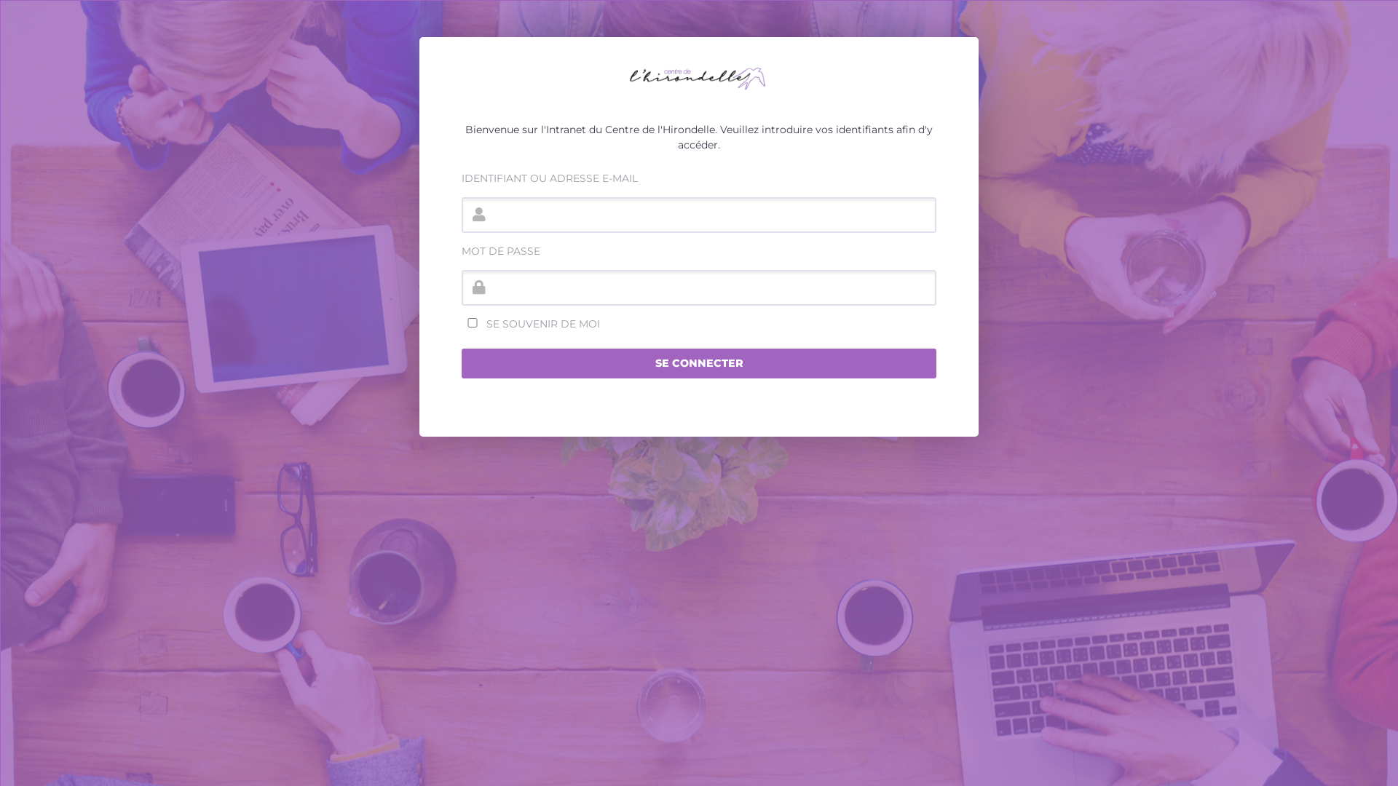 This screenshot has width=1398, height=786. I want to click on 'Se connecter', so click(699, 363).